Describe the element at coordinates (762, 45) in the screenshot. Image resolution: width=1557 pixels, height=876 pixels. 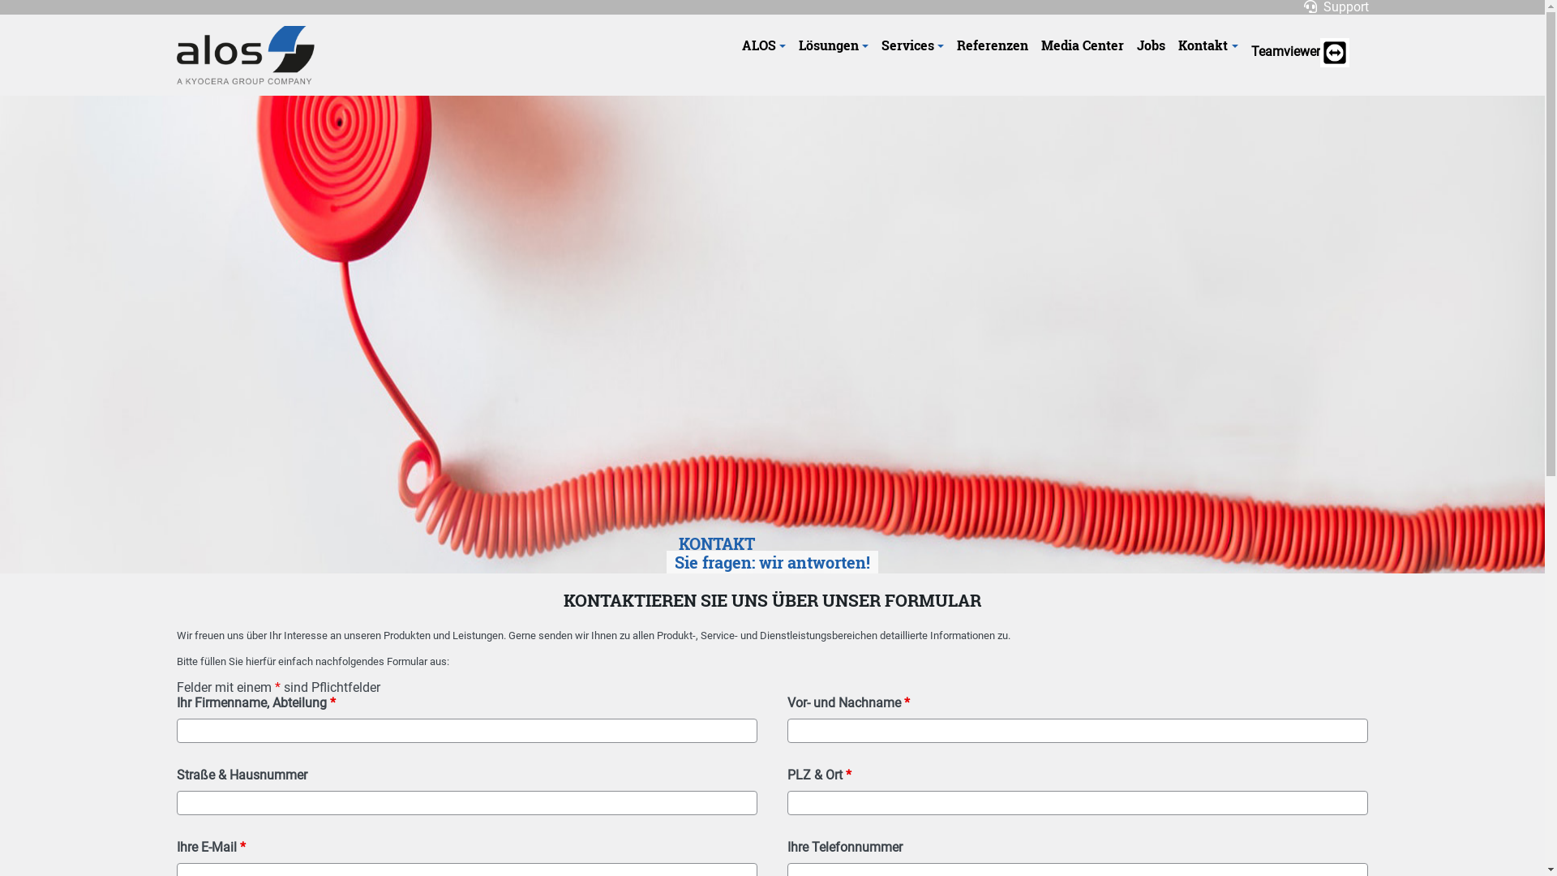
I see `'ALOS'` at that location.